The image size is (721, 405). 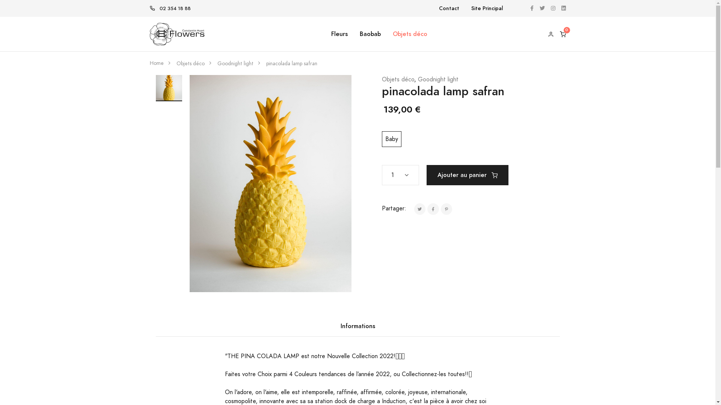 What do you see at coordinates (487, 8) in the screenshot?
I see `'Site Principal'` at bounding box center [487, 8].